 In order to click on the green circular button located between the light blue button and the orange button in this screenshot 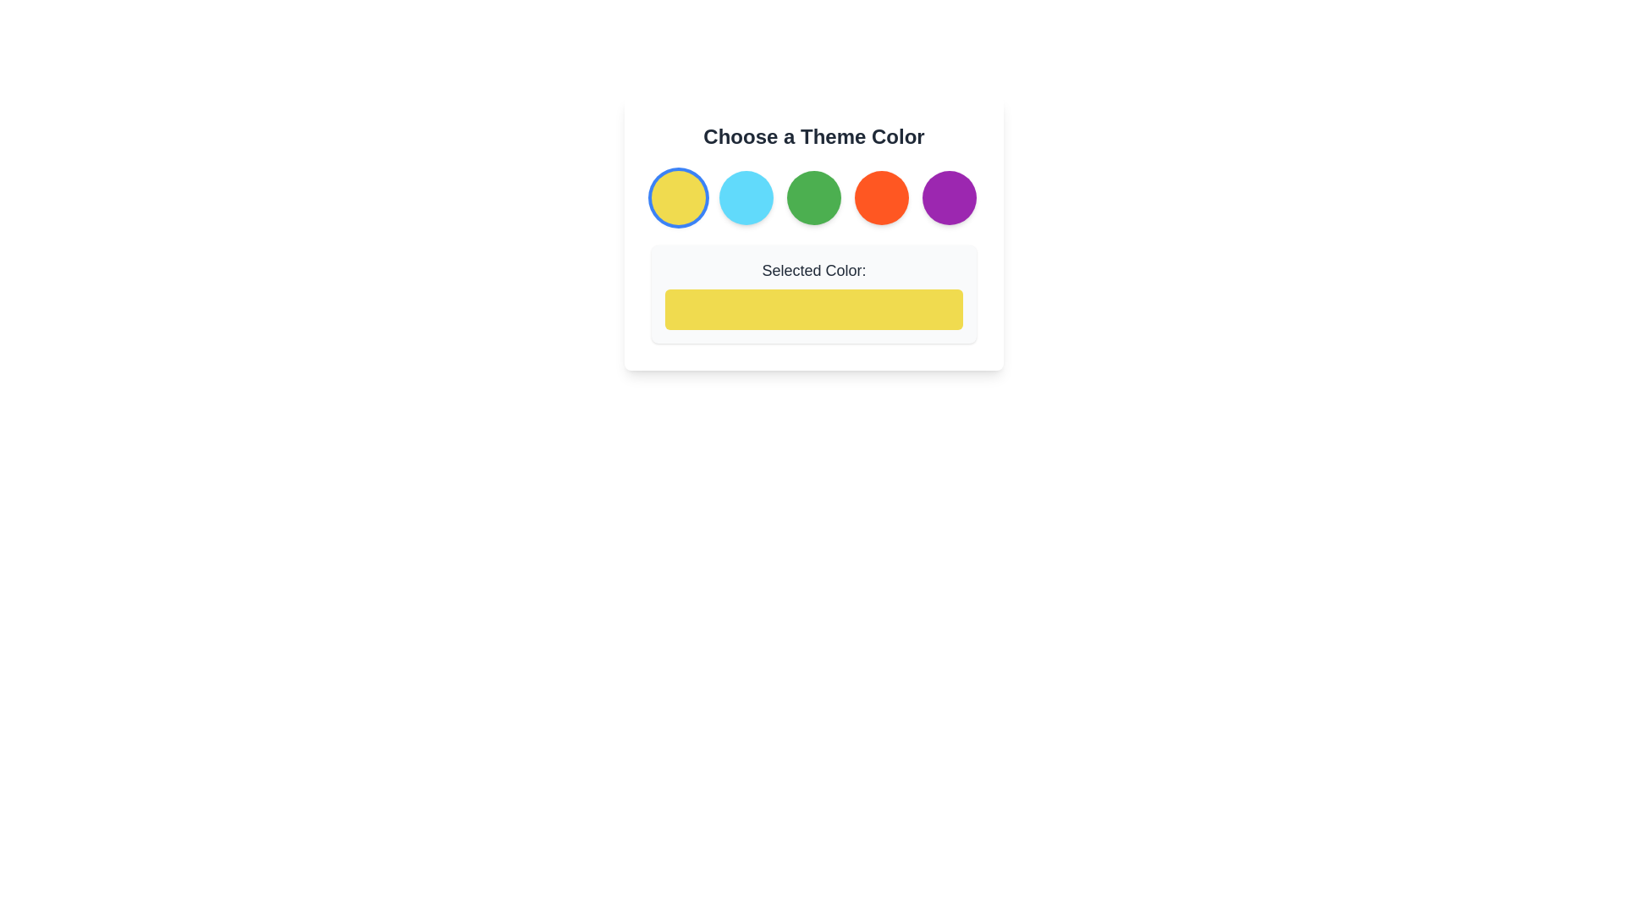, I will do `click(813, 197)`.